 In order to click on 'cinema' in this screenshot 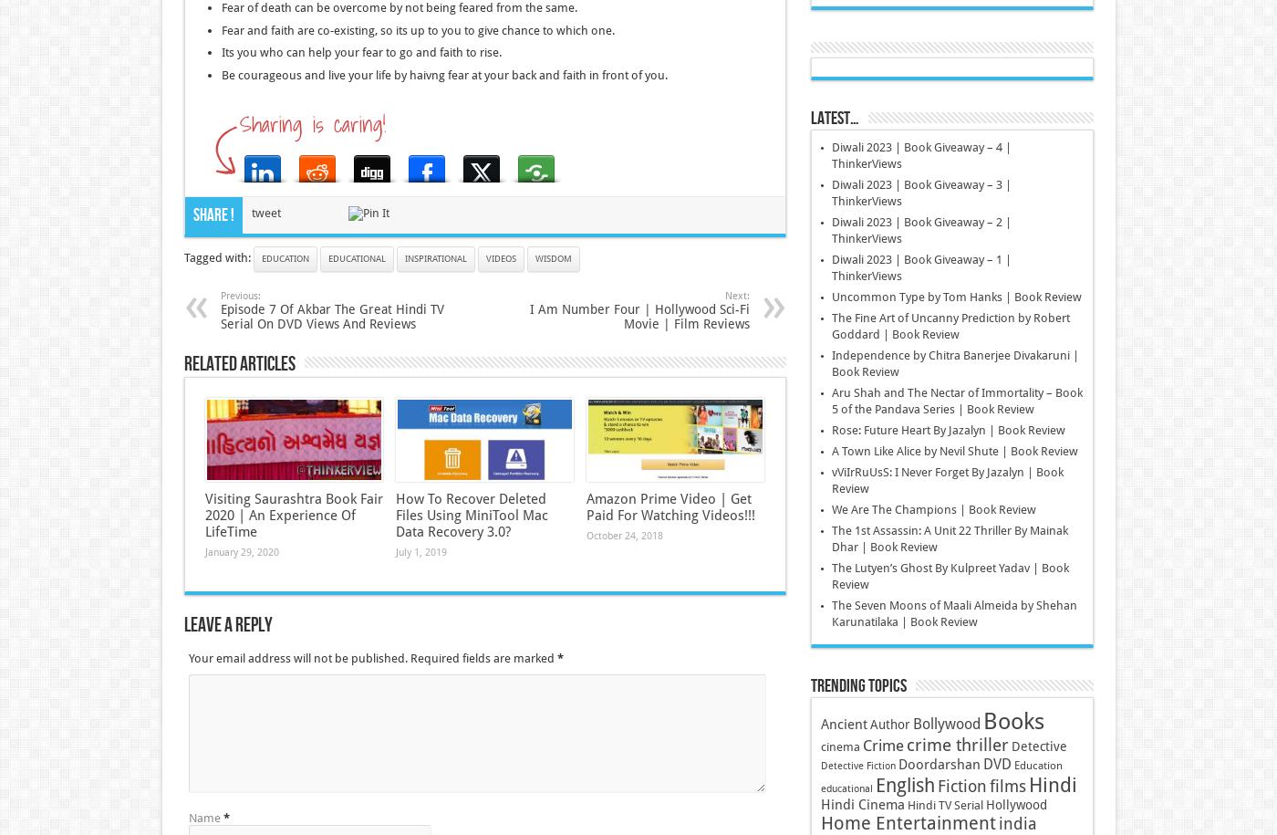, I will do `click(839, 746)`.